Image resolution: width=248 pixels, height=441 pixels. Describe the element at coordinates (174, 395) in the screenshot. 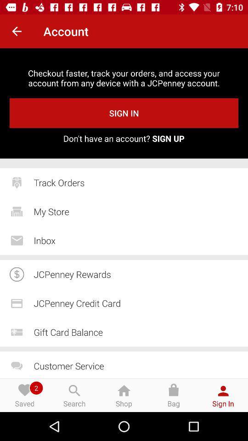

I see `bag at the bottom of the page` at that location.